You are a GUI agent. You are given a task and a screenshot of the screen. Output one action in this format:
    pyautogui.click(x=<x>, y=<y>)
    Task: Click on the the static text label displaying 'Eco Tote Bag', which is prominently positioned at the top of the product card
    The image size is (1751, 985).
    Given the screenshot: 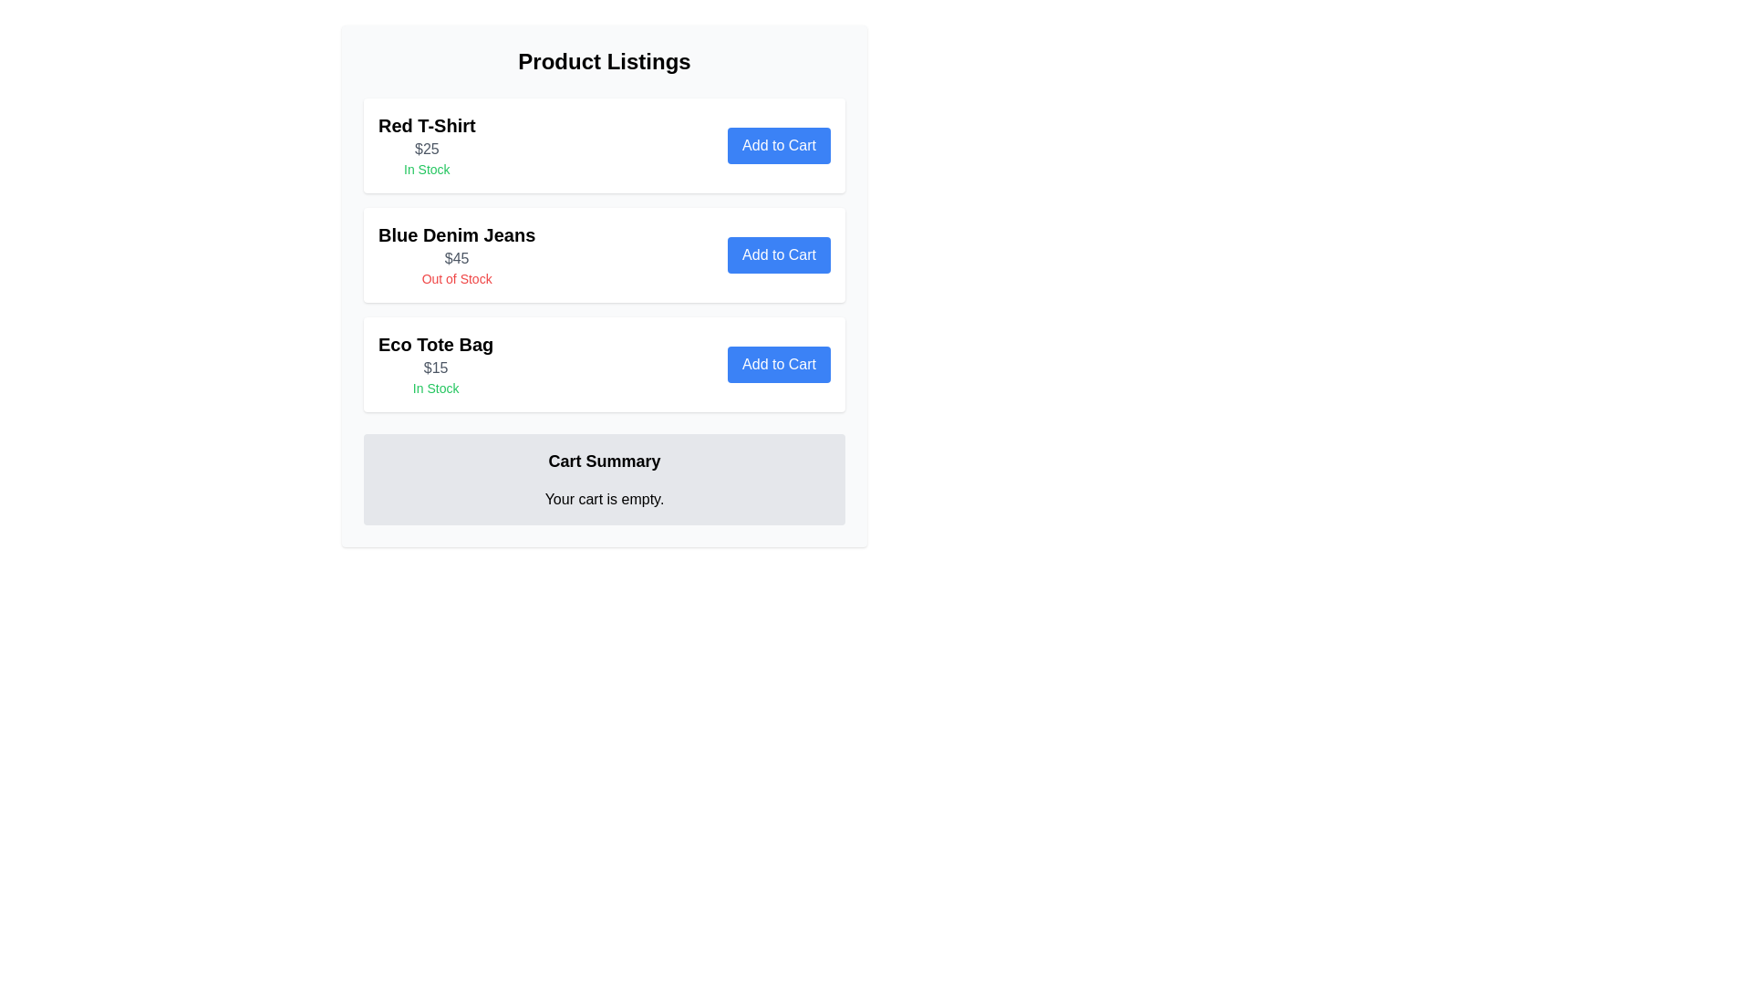 What is the action you would take?
    pyautogui.click(x=435, y=345)
    